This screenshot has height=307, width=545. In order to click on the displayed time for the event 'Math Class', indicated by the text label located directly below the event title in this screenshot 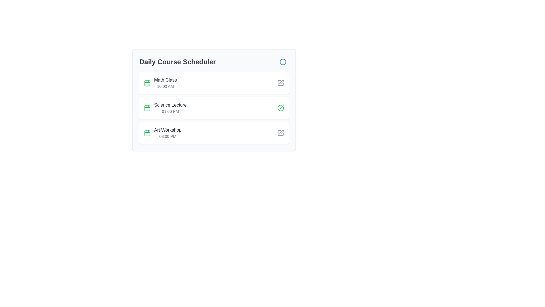, I will do `click(165, 86)`.